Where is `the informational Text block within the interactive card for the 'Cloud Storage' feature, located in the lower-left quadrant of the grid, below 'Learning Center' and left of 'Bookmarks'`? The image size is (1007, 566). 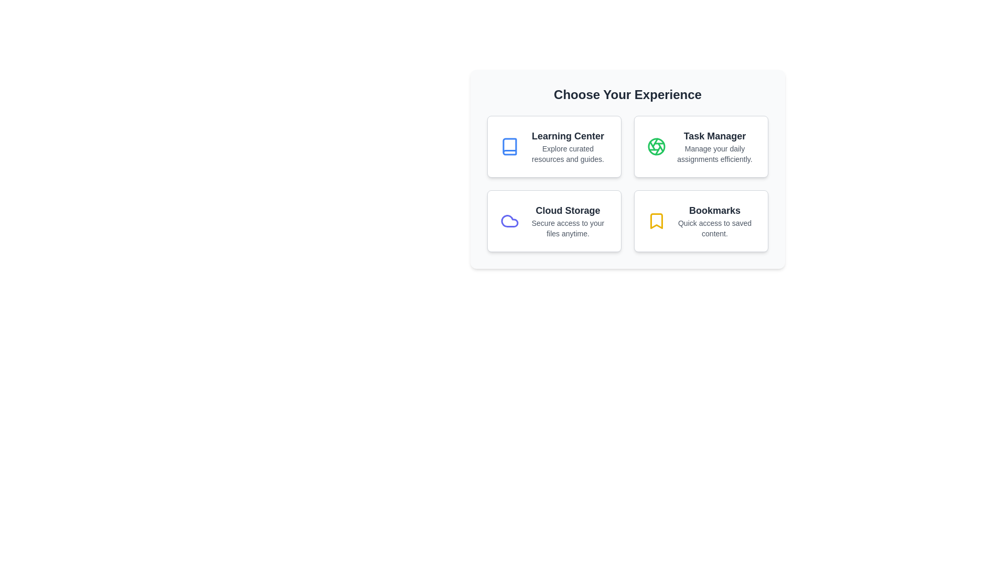
the informational Text block within the interactive card for the 'Cloud Storage' feature, located in the lower-left quadrant of the grid, below 'Learning Center' and left of 'Bookmarks' is located at coordinates (567, 220).